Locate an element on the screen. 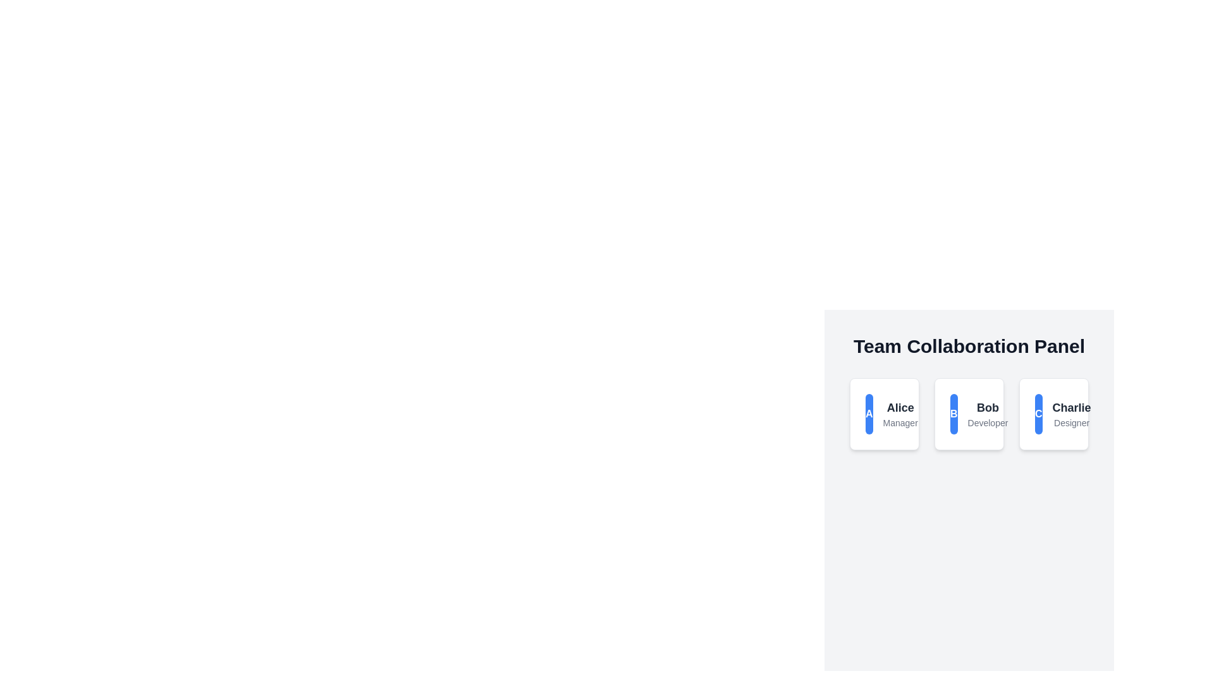 This screenshot has height=683, width=1214. the first Profile card in the team member's grid layout is located at coordinates (883, 414).